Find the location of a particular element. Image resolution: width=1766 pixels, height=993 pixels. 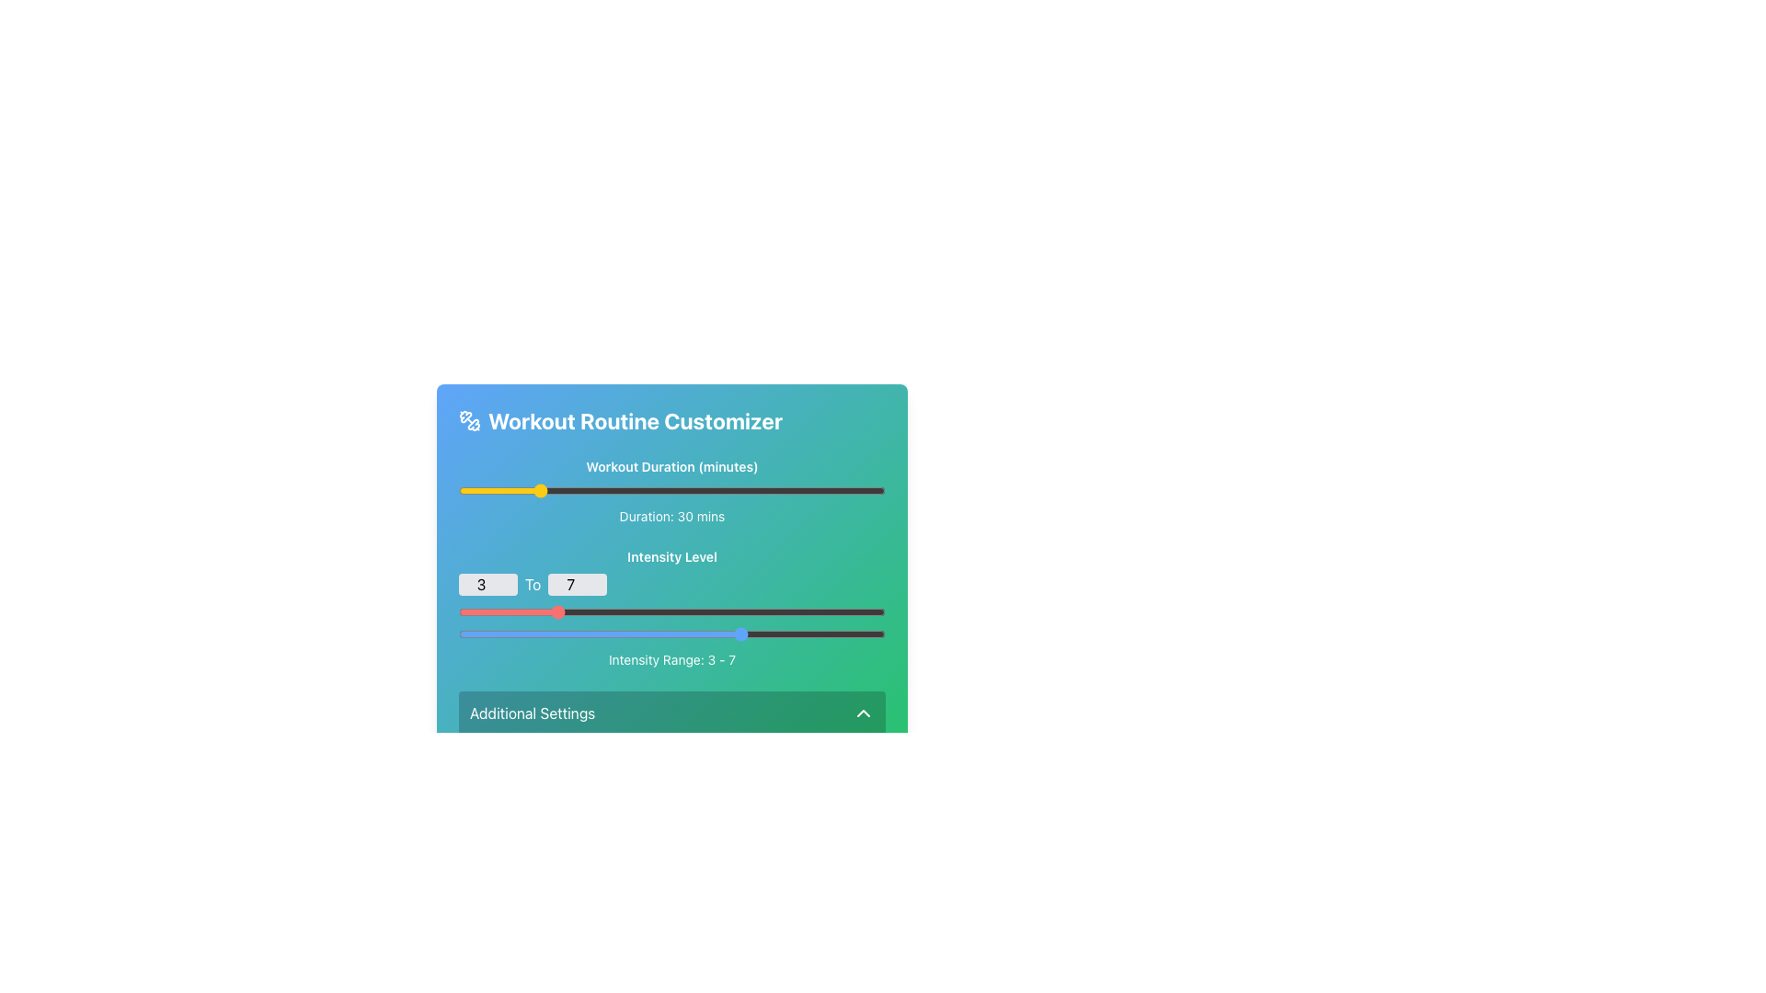

the 'Additional Settings' toggle button at the bottom of the 'Workout Routine Customizer' panel is located at coordinates (671, 712).